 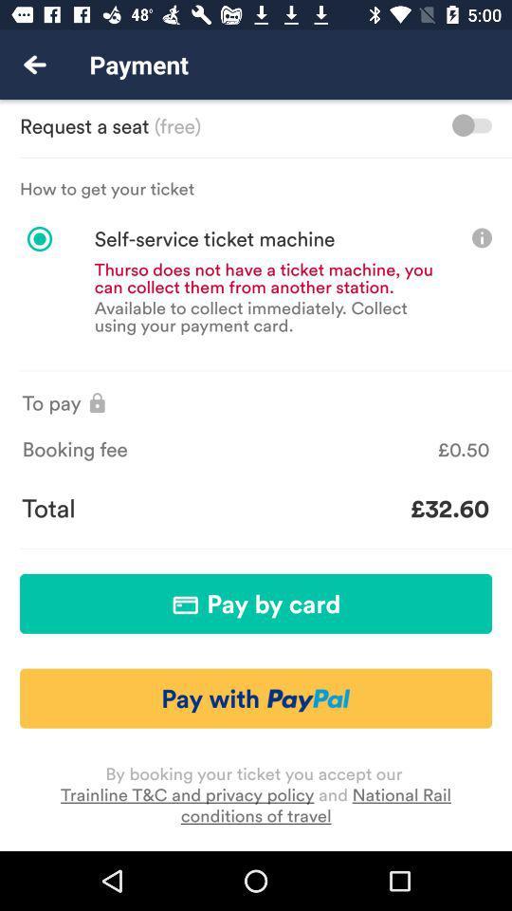 What do you see at coordinates (482, 236) in the screenshot?
I see `the info icon` at bounding box center [482, 236].